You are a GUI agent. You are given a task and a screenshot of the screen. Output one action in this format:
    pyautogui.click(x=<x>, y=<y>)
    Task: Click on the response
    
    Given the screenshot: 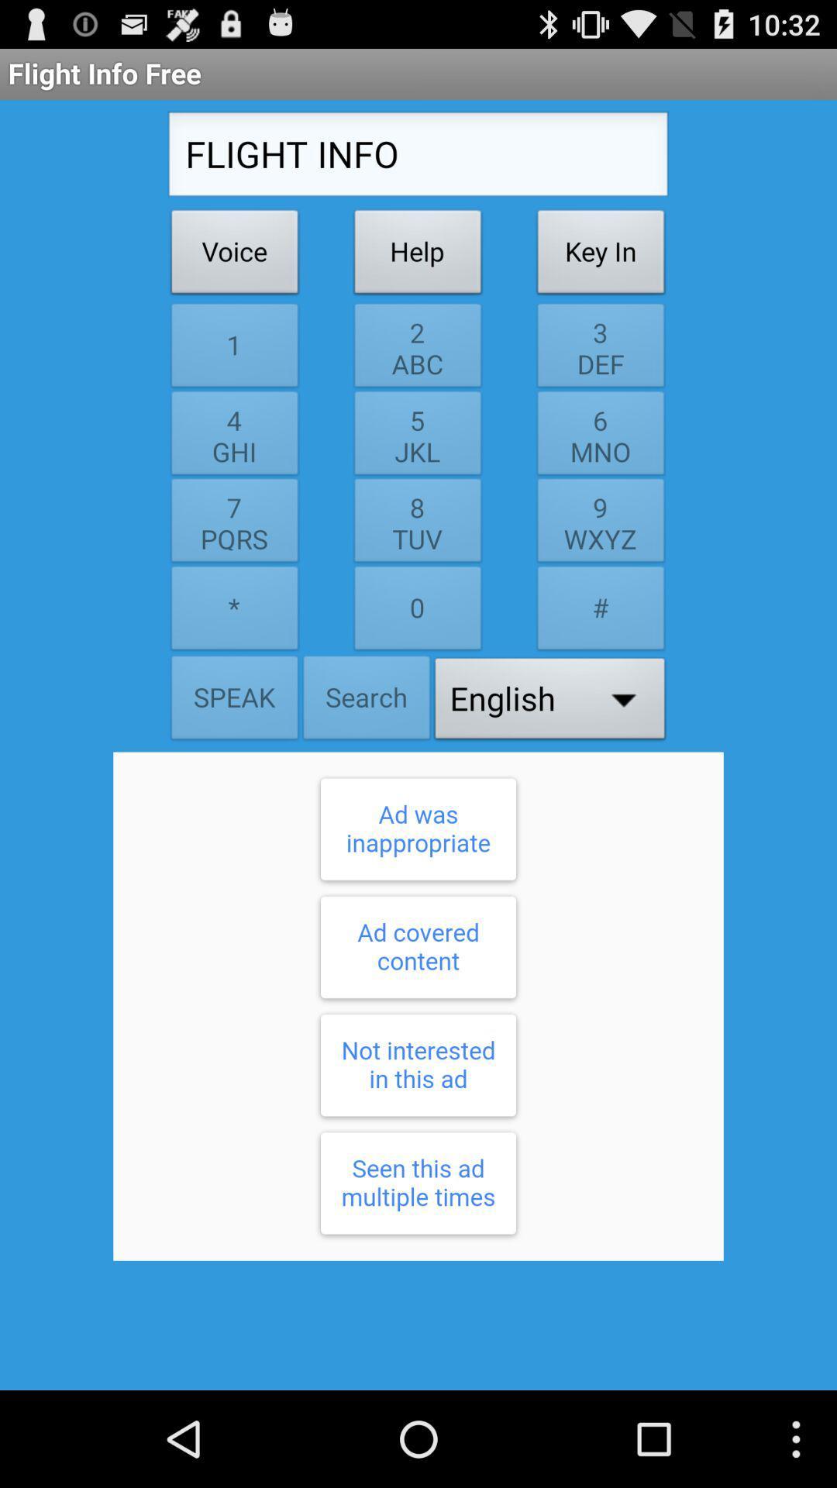 What is the action you would take?
    pyautogui.click(x=418, y=1006)
    